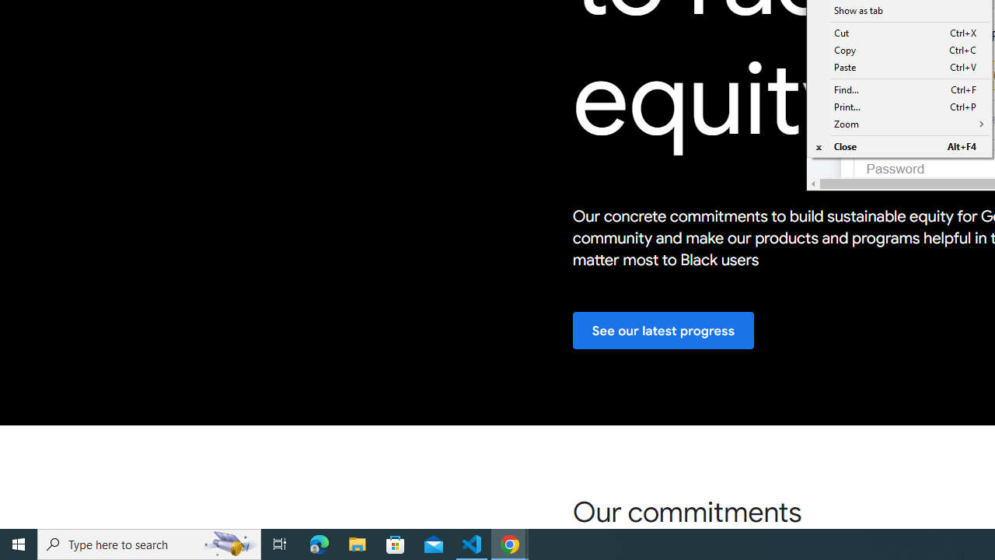  What do you see at coordinates (899, 33) in the screenshot?
I see `'Cut	Ctrl+X'` at bounding box center [899, 33].